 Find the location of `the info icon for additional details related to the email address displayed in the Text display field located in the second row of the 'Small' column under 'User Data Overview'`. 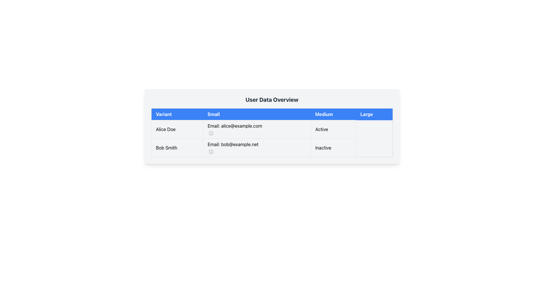

the info icon for additional details related to the email address displayed in the Text display field located in the second row of the 'Small' column under 'User Data Overview' is located at coordinates (256, 148).